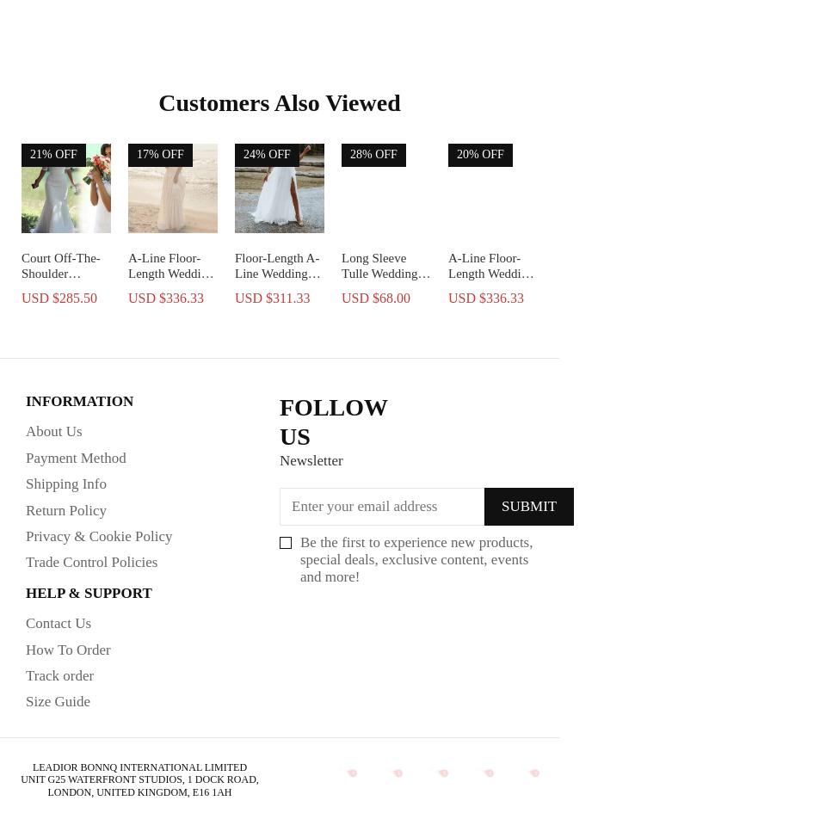 This screenshot has height=813, width=826. Describe the element at coordinates (24, 592) in the screenshot. I see `'HELP & SUPPORT'` at that location.